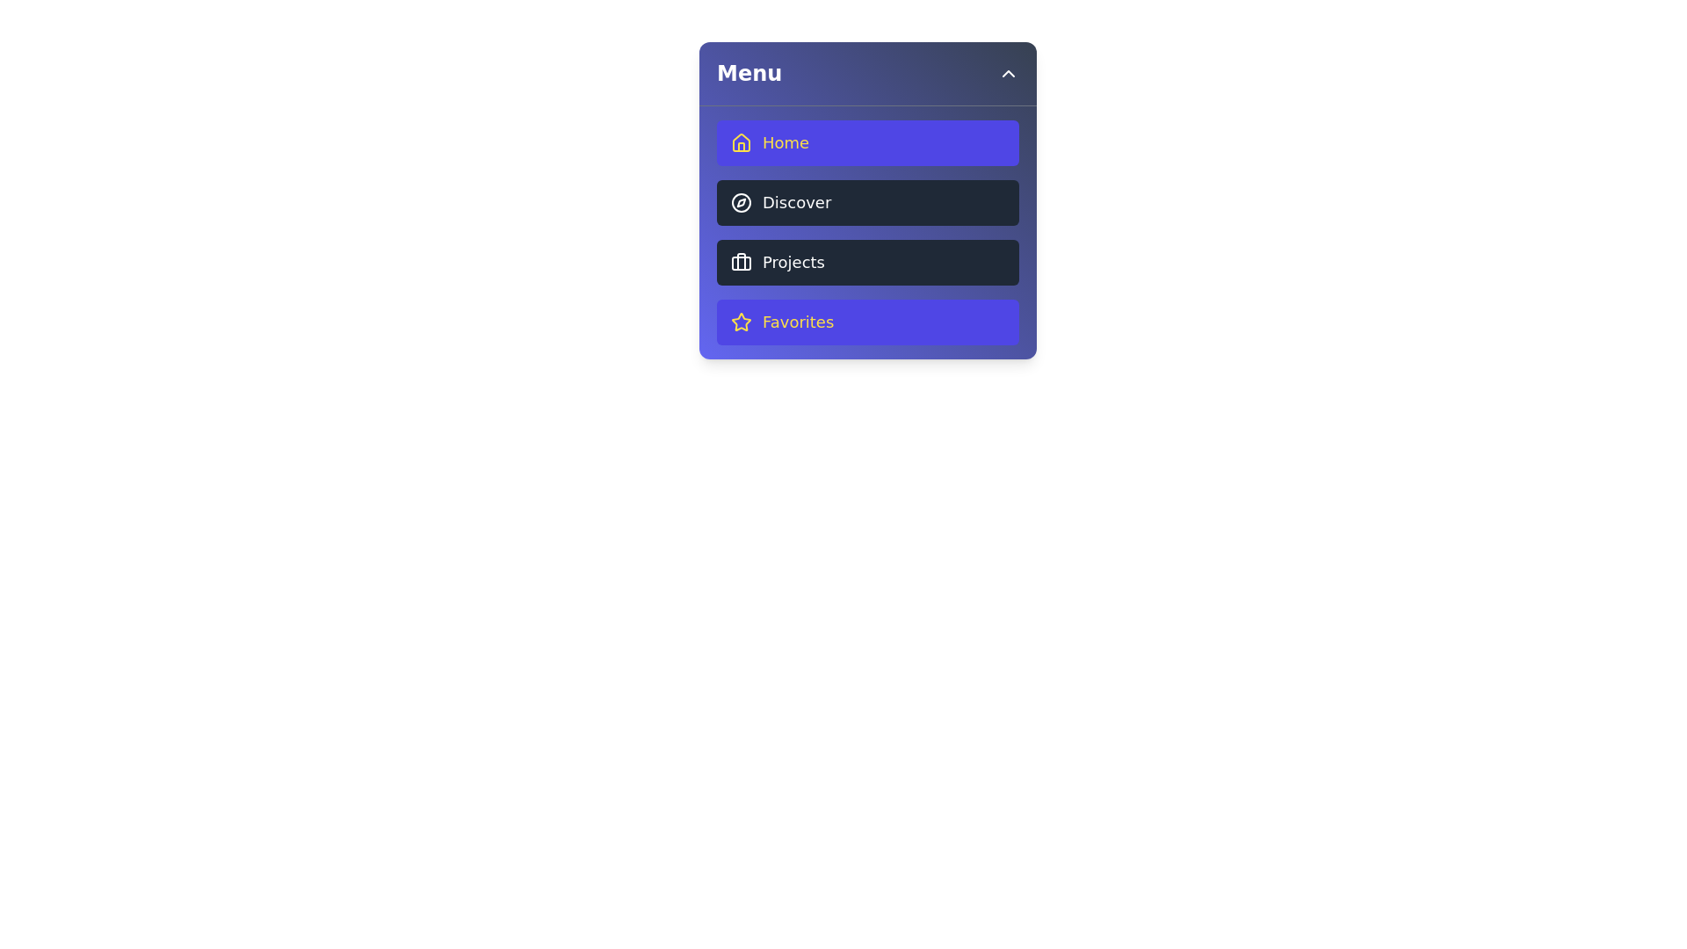 The height and width of the screenshot is (949, 1687). What do you see at coordinates (868, 263) in the screenshot?
I see `the menu item Projects to observe its hover effect` at bounding box center [868, 263].